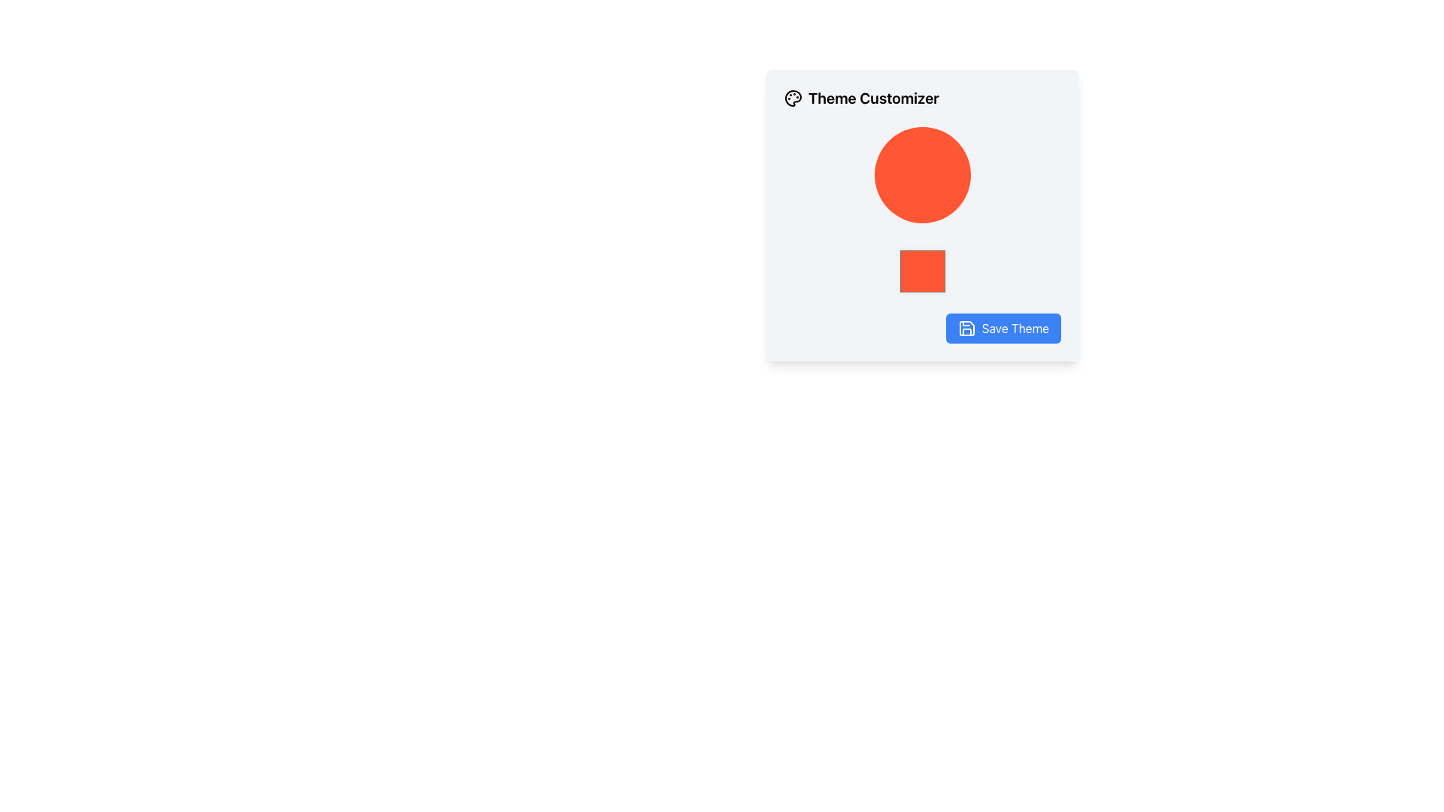 Image resolution: width=1444 pixels, height=812 pixels. Describe the element at coordinates (793, 98) in the screenshot. I see `the painter's palette icon in the 'Theme Customizer' header section, which is characterized by its minimalistic design and black paint spots` at that location.